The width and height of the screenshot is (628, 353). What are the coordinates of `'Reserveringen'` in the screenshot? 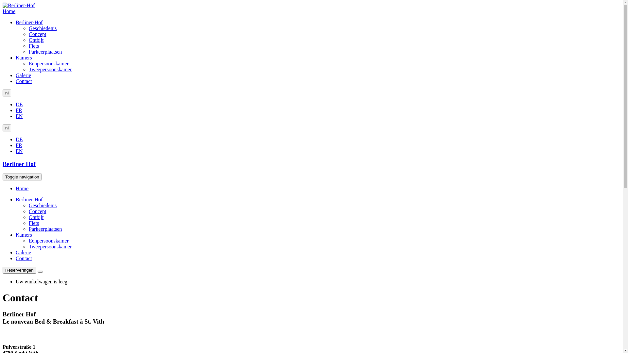 It's located at (3, 270).